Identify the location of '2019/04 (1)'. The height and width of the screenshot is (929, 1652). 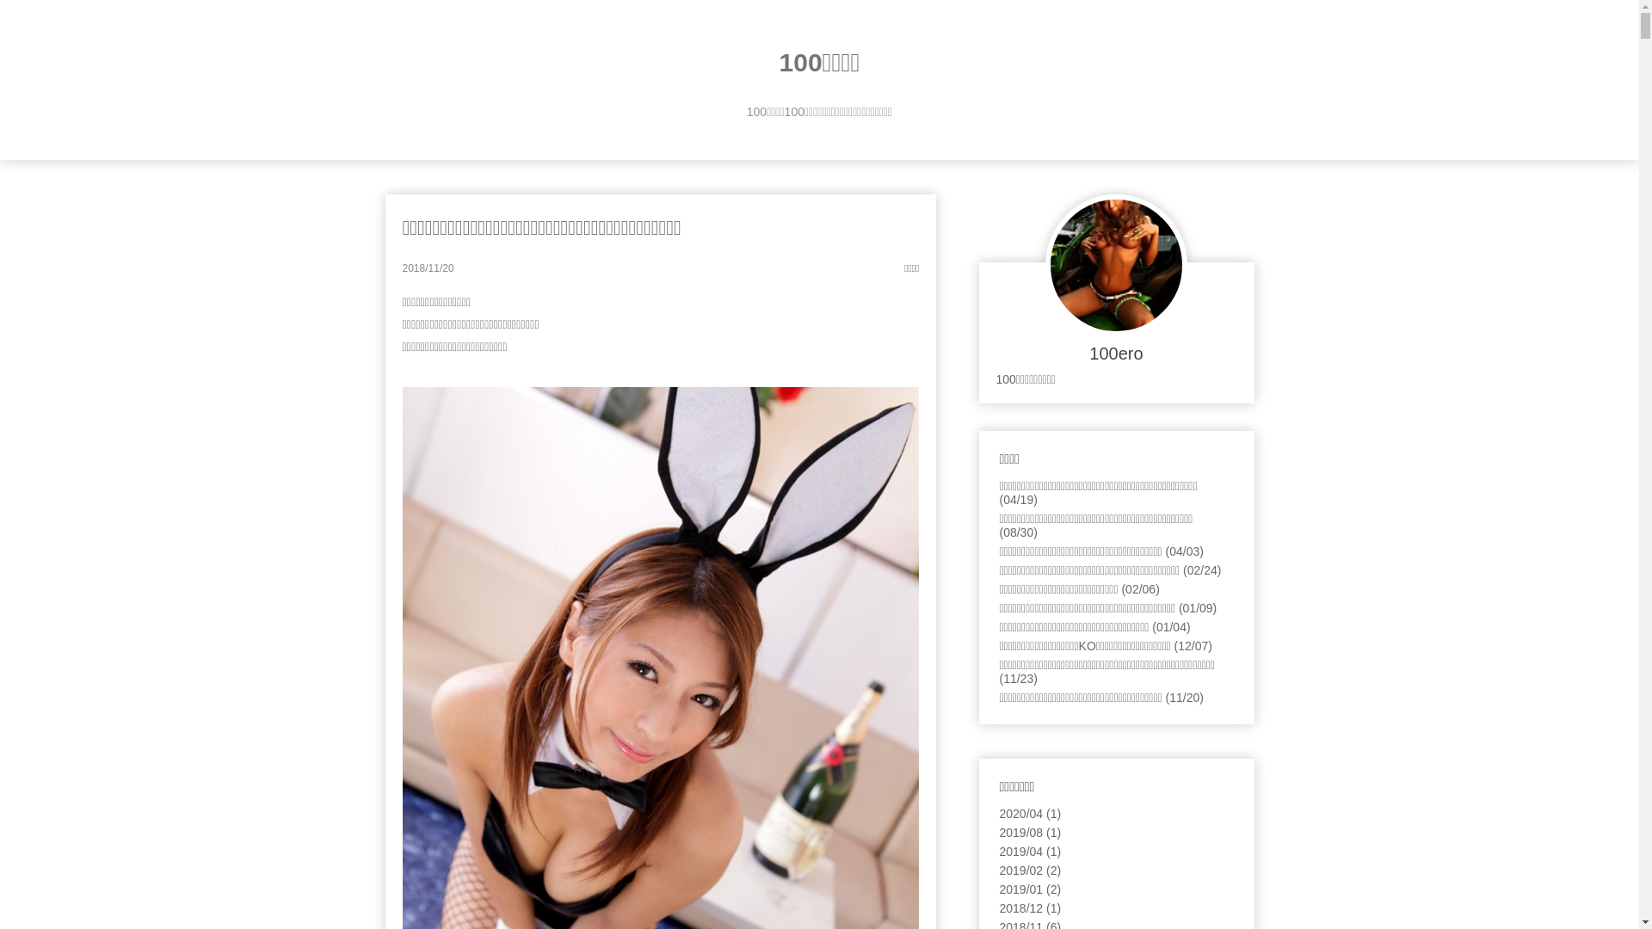
(1031, 852).